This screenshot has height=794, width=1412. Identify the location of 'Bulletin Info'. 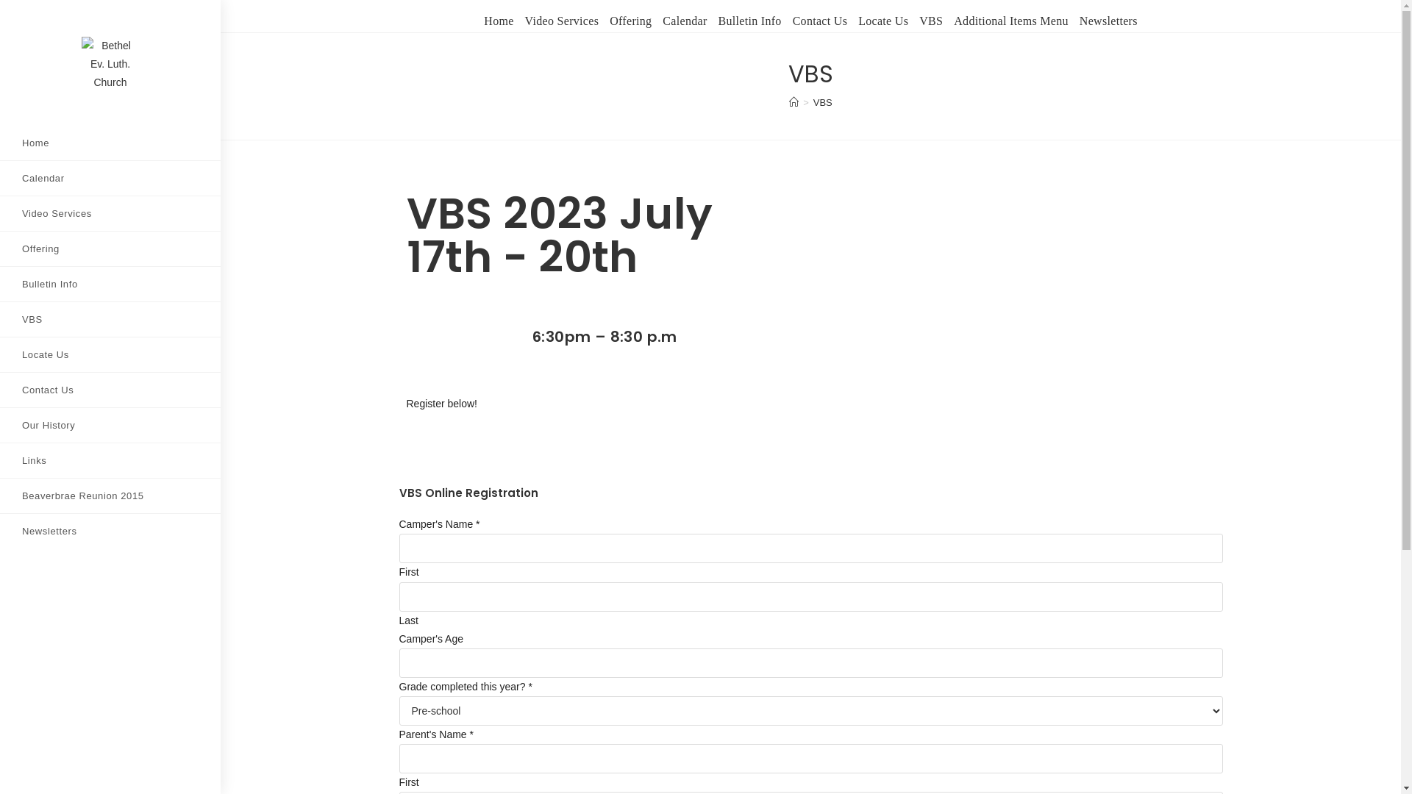
(749, 21).